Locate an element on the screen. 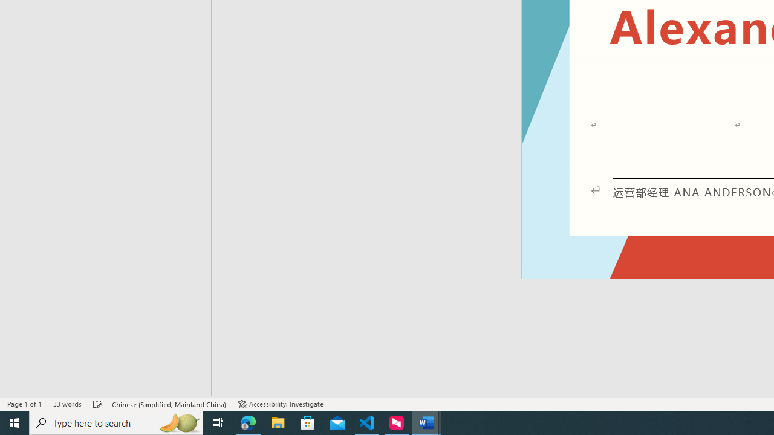 Image resolution: width=774 pixels, height=435 pixels. 'Spelling and Grammar Check Checking' is located at coordinates (97, 404).